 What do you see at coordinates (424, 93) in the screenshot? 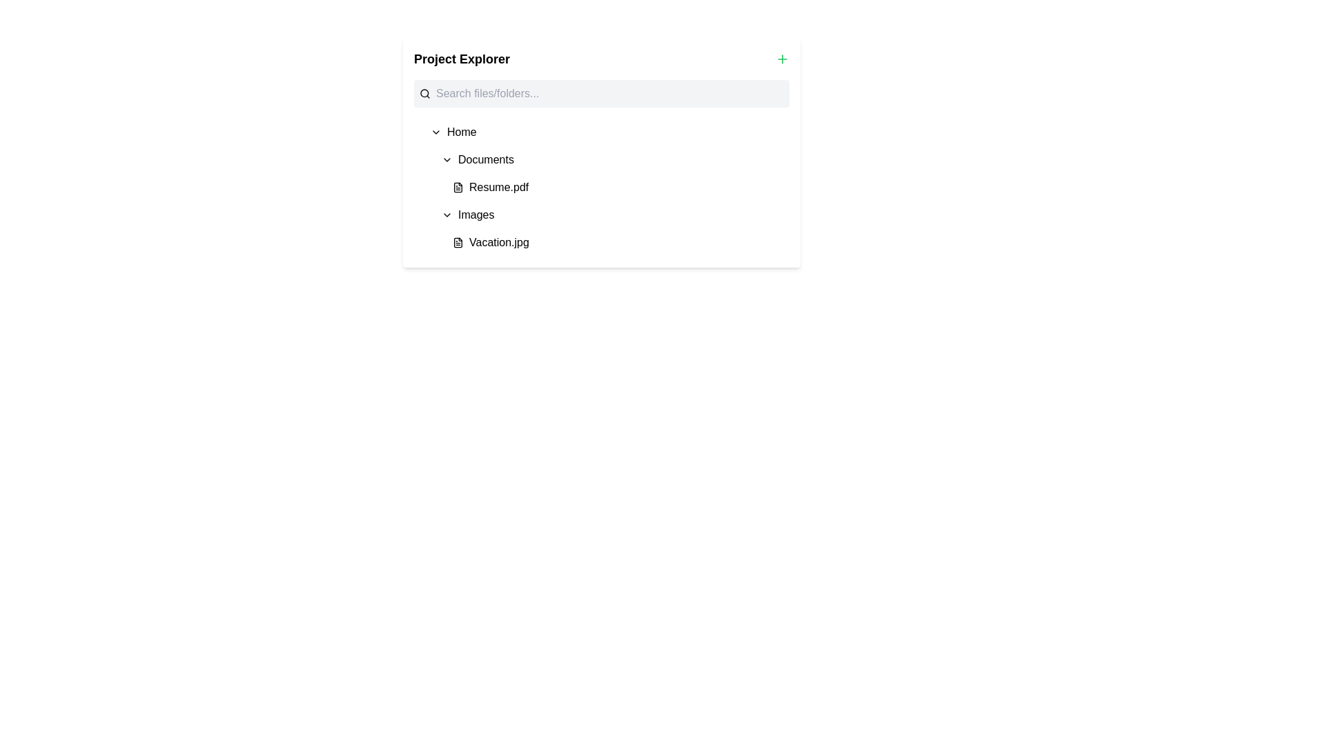
I see `the central circular portion of the magnifying glass icon in the Project Explorer section` at bounding box center [424, 93].